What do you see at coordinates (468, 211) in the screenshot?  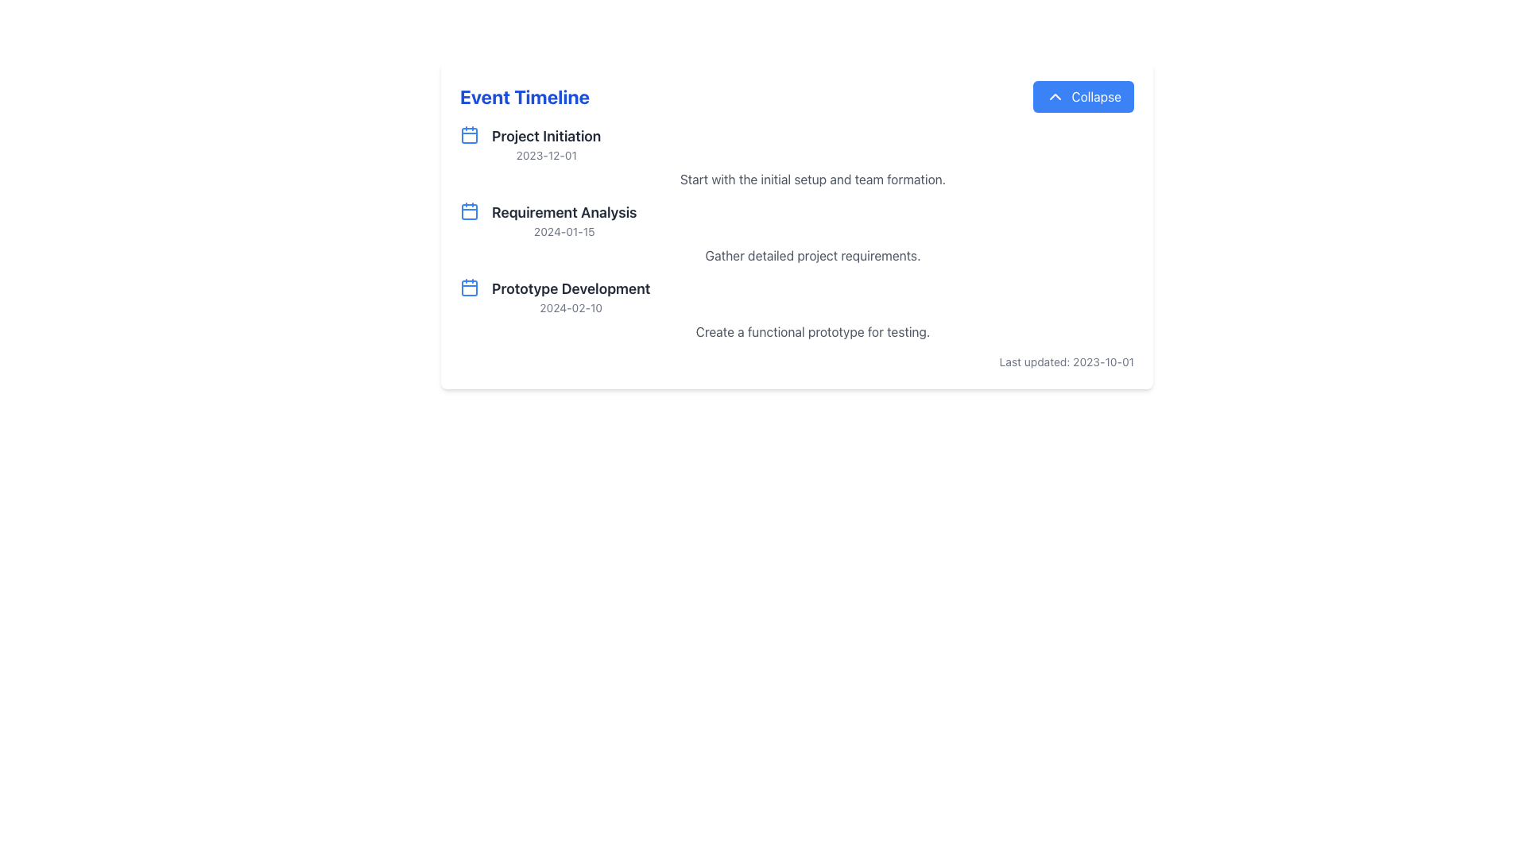 I see `the calendar icon, which is a square with curved corners and a blue stroke, located to the left of the text 'Requirement Analysis 2024-01-15'` at bounding box center [468, 211].